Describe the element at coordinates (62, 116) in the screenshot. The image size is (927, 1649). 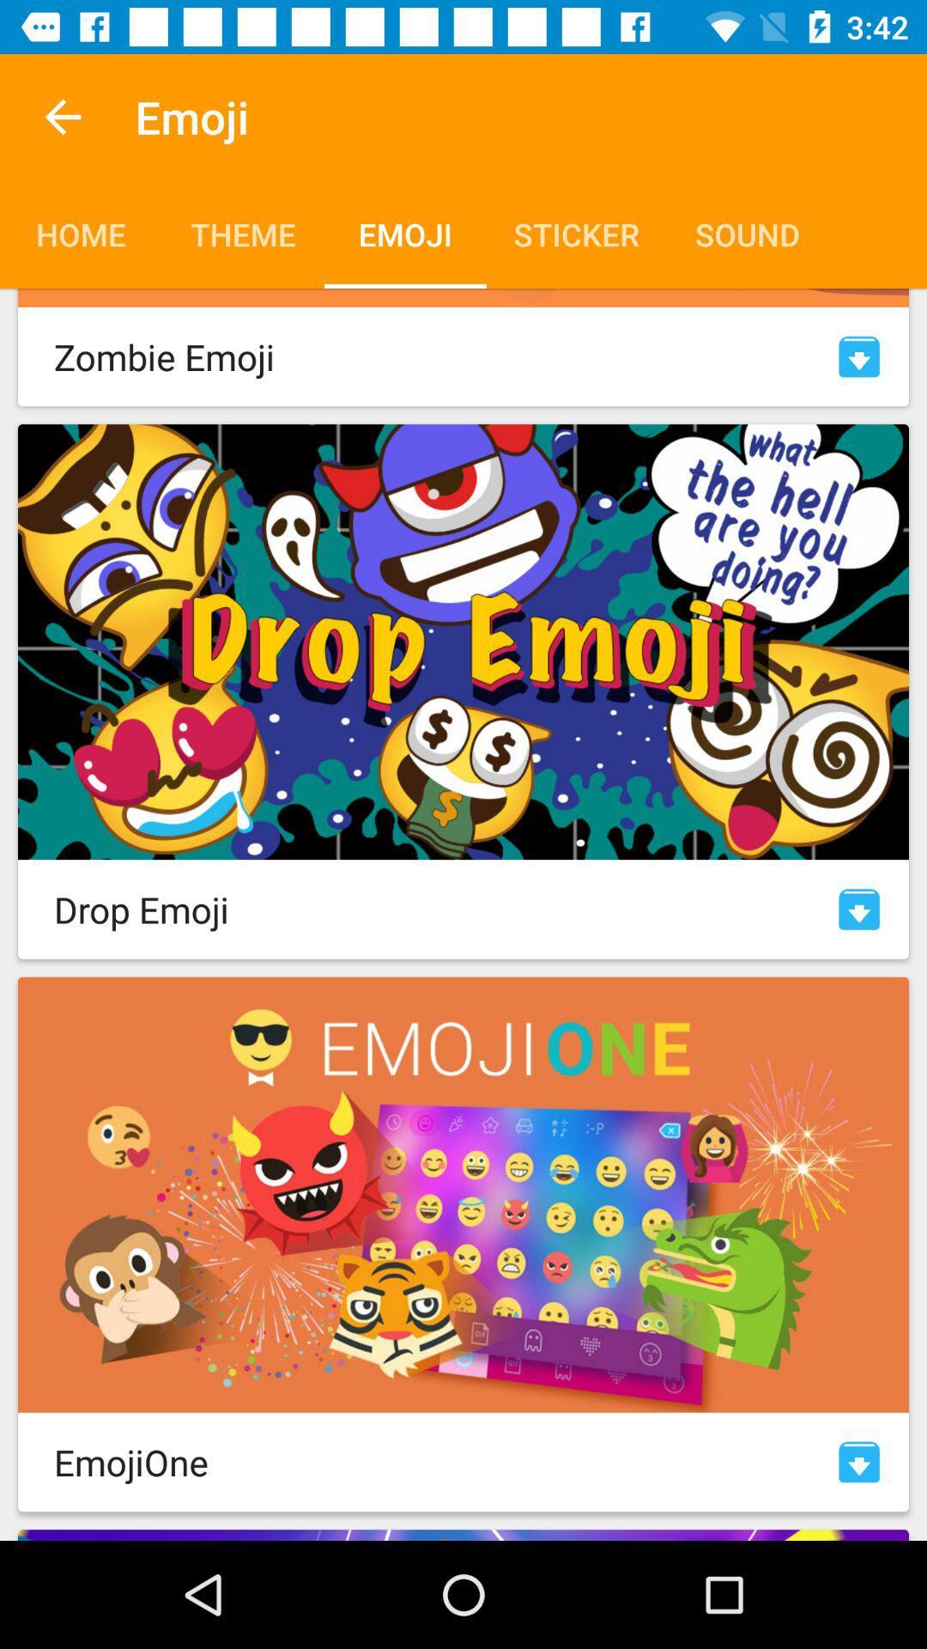
I see `item above the home icon` at that location.